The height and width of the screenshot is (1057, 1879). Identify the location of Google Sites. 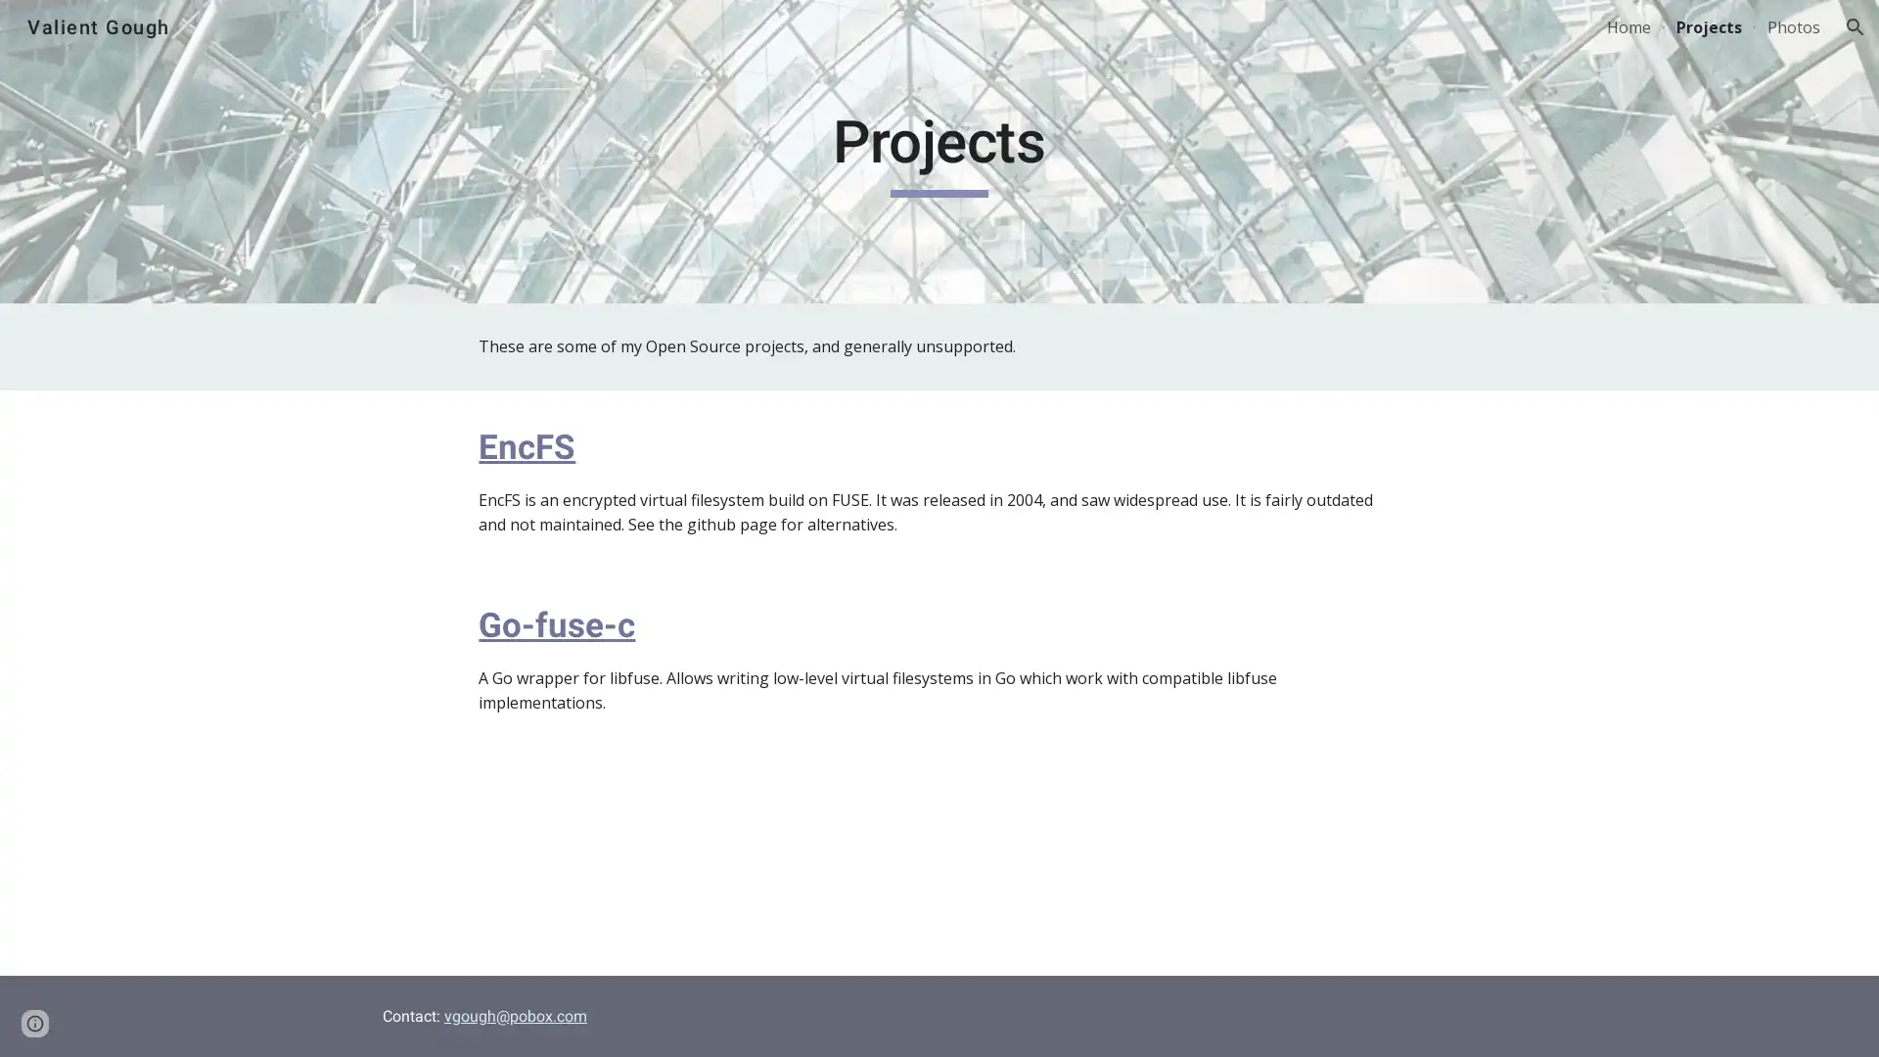
(151, 1022).